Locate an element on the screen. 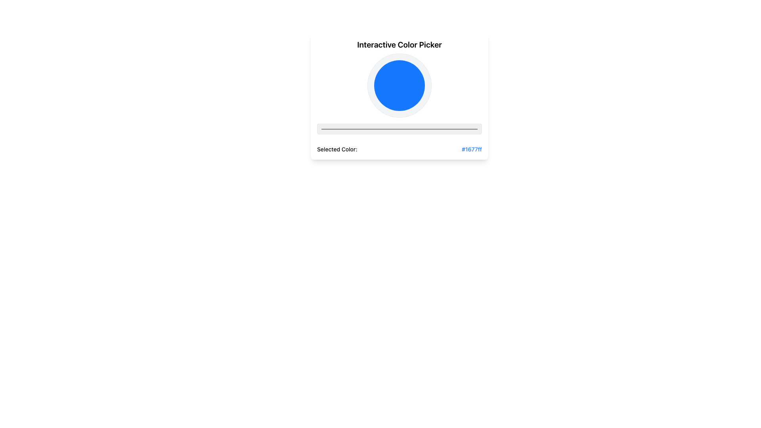 Image resolution: width=761 pixels, height=428 pixels. the Preview Component displaying the currently selected color, which is represented as a large blue circle with its hexadecimal color code is located at coordinates (400, 103).